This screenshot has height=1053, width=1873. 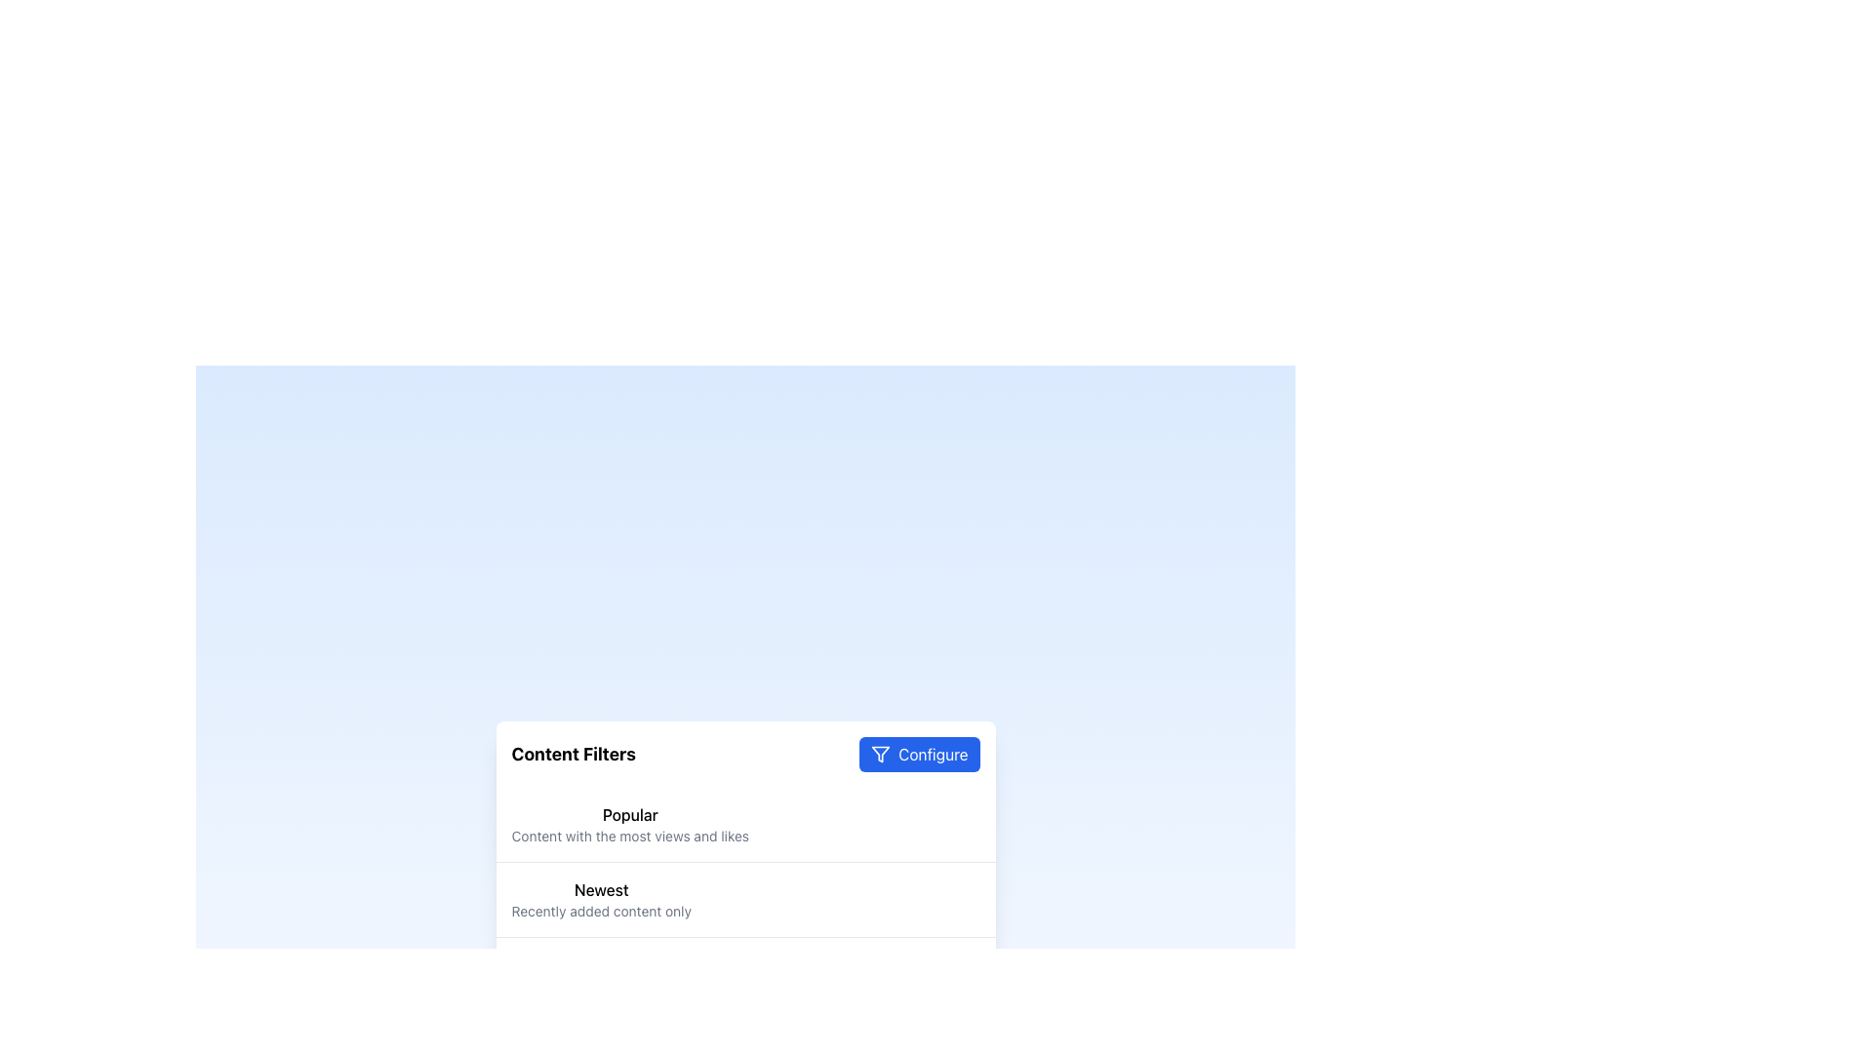 What do you see at coordinates (630, 835) in the screenshot?
I see `the static text content that provides a description about the 'Popular' category, located directly below the 'Popular' text in the 'Content Filters' section` at bounding box center [630, 835].